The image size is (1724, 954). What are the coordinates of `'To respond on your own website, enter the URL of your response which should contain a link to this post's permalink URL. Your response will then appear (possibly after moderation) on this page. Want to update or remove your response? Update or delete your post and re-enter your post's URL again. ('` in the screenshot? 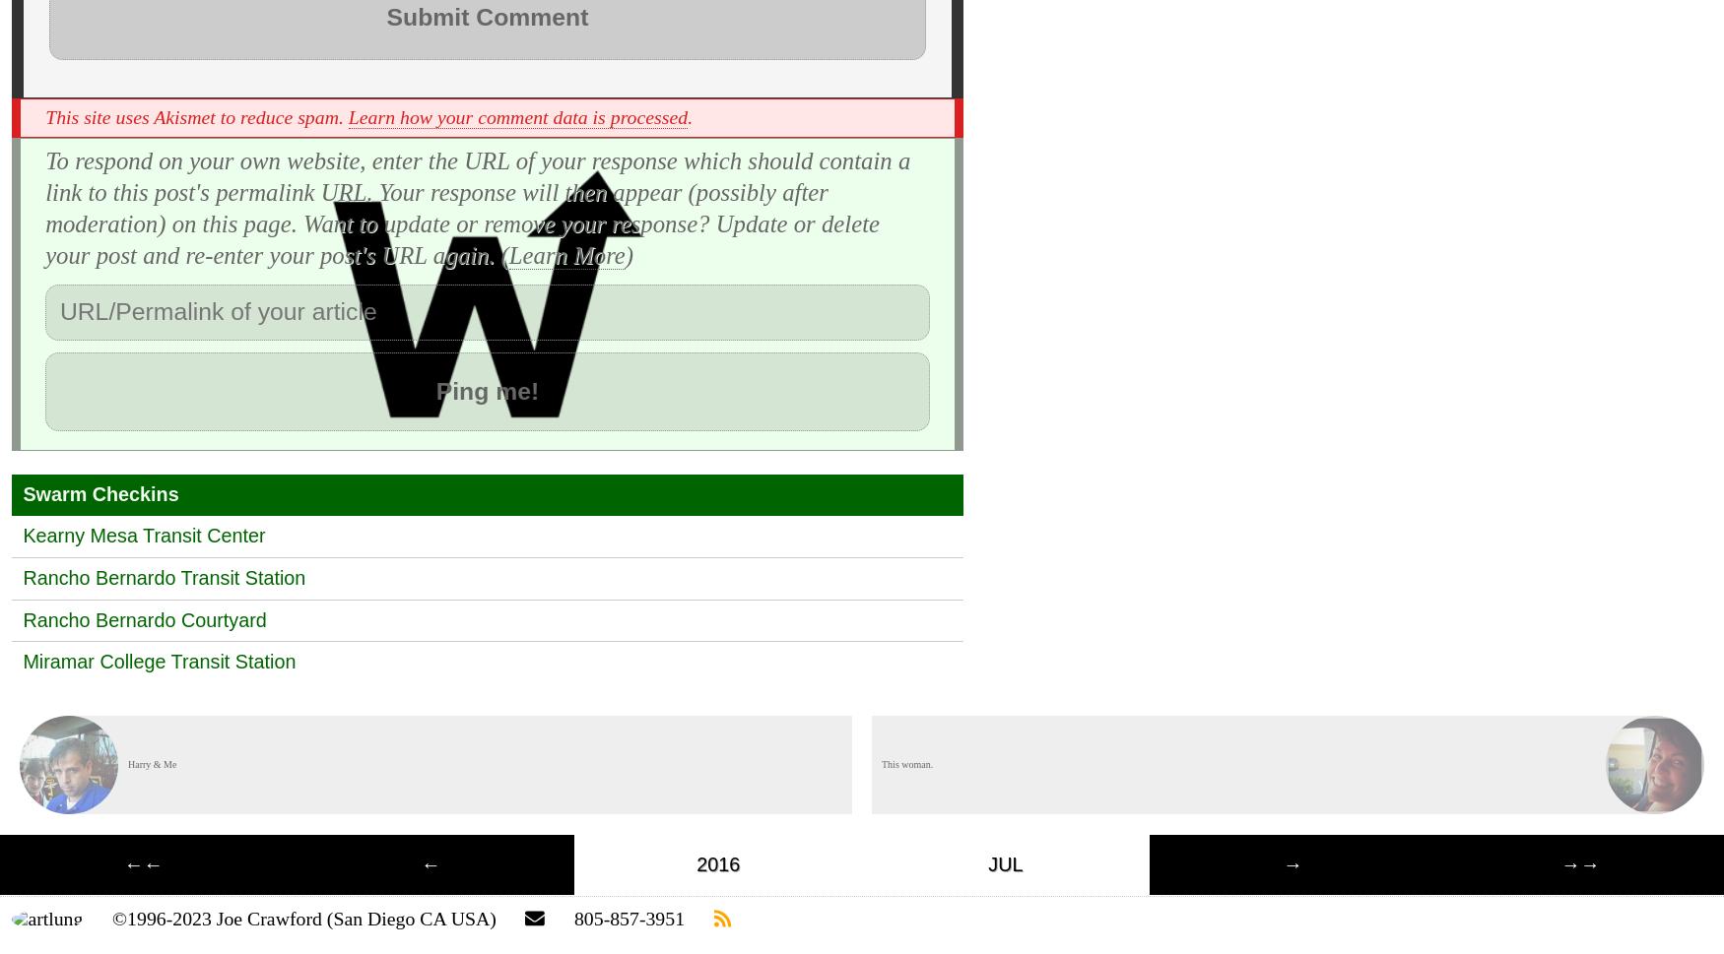 It's located at (477, 208).